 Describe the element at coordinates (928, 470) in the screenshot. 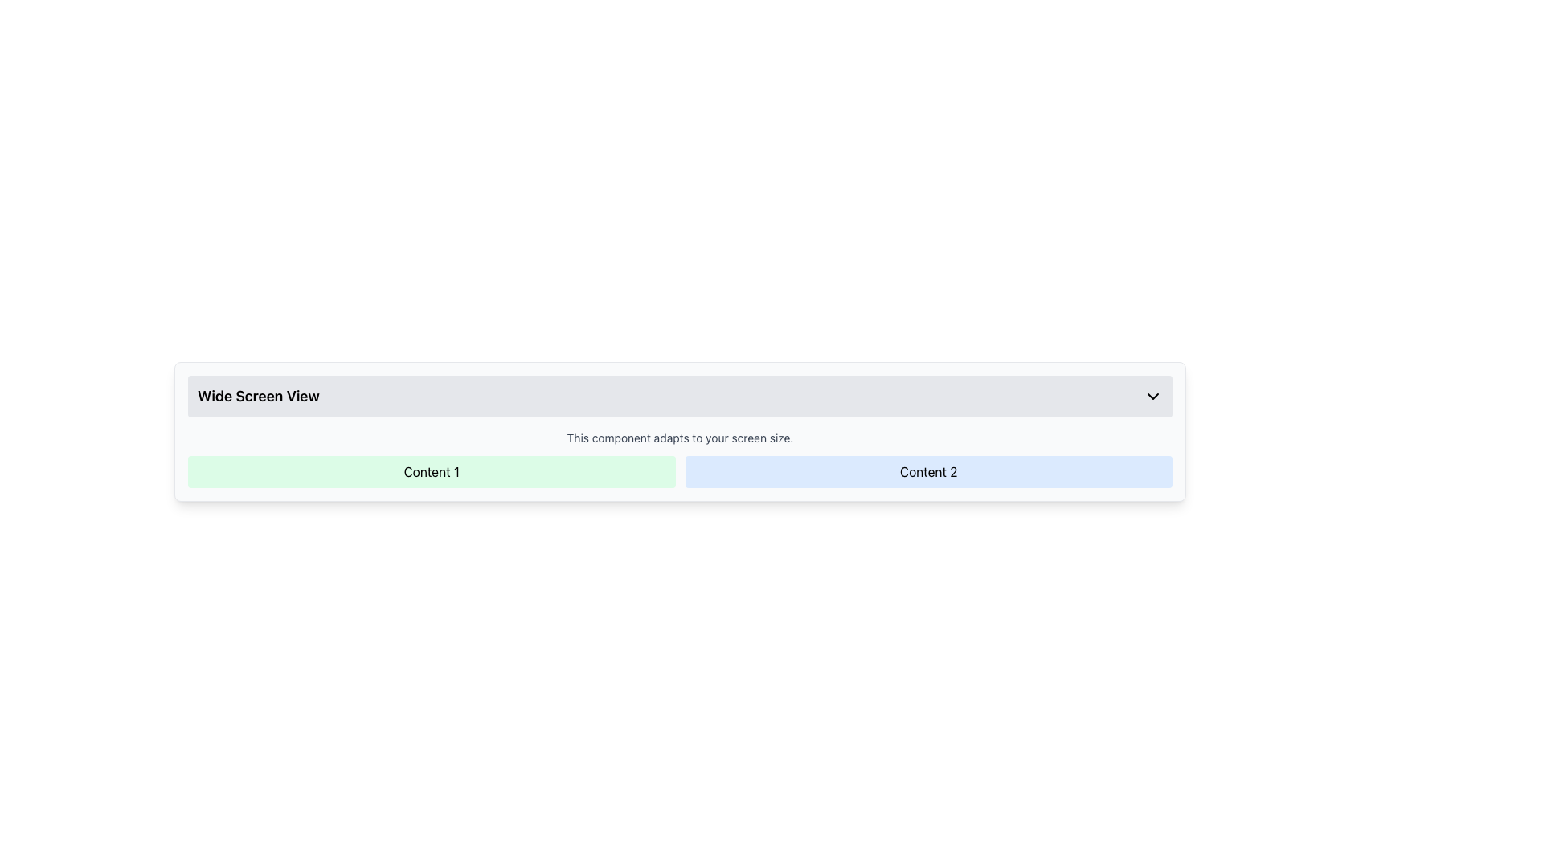

I see `the text label block positioned to the right of 'Content 1' in the two-column grid layout, located towards the bottom-center of the interface` at that location.